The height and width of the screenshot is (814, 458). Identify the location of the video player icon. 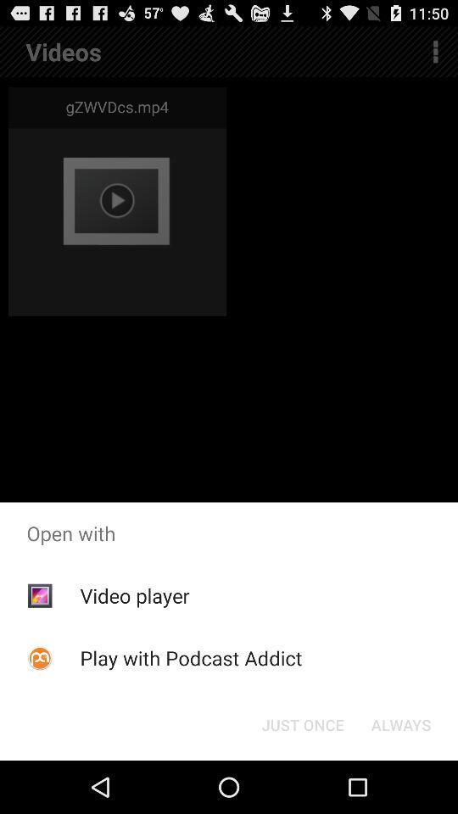
(133, 595).